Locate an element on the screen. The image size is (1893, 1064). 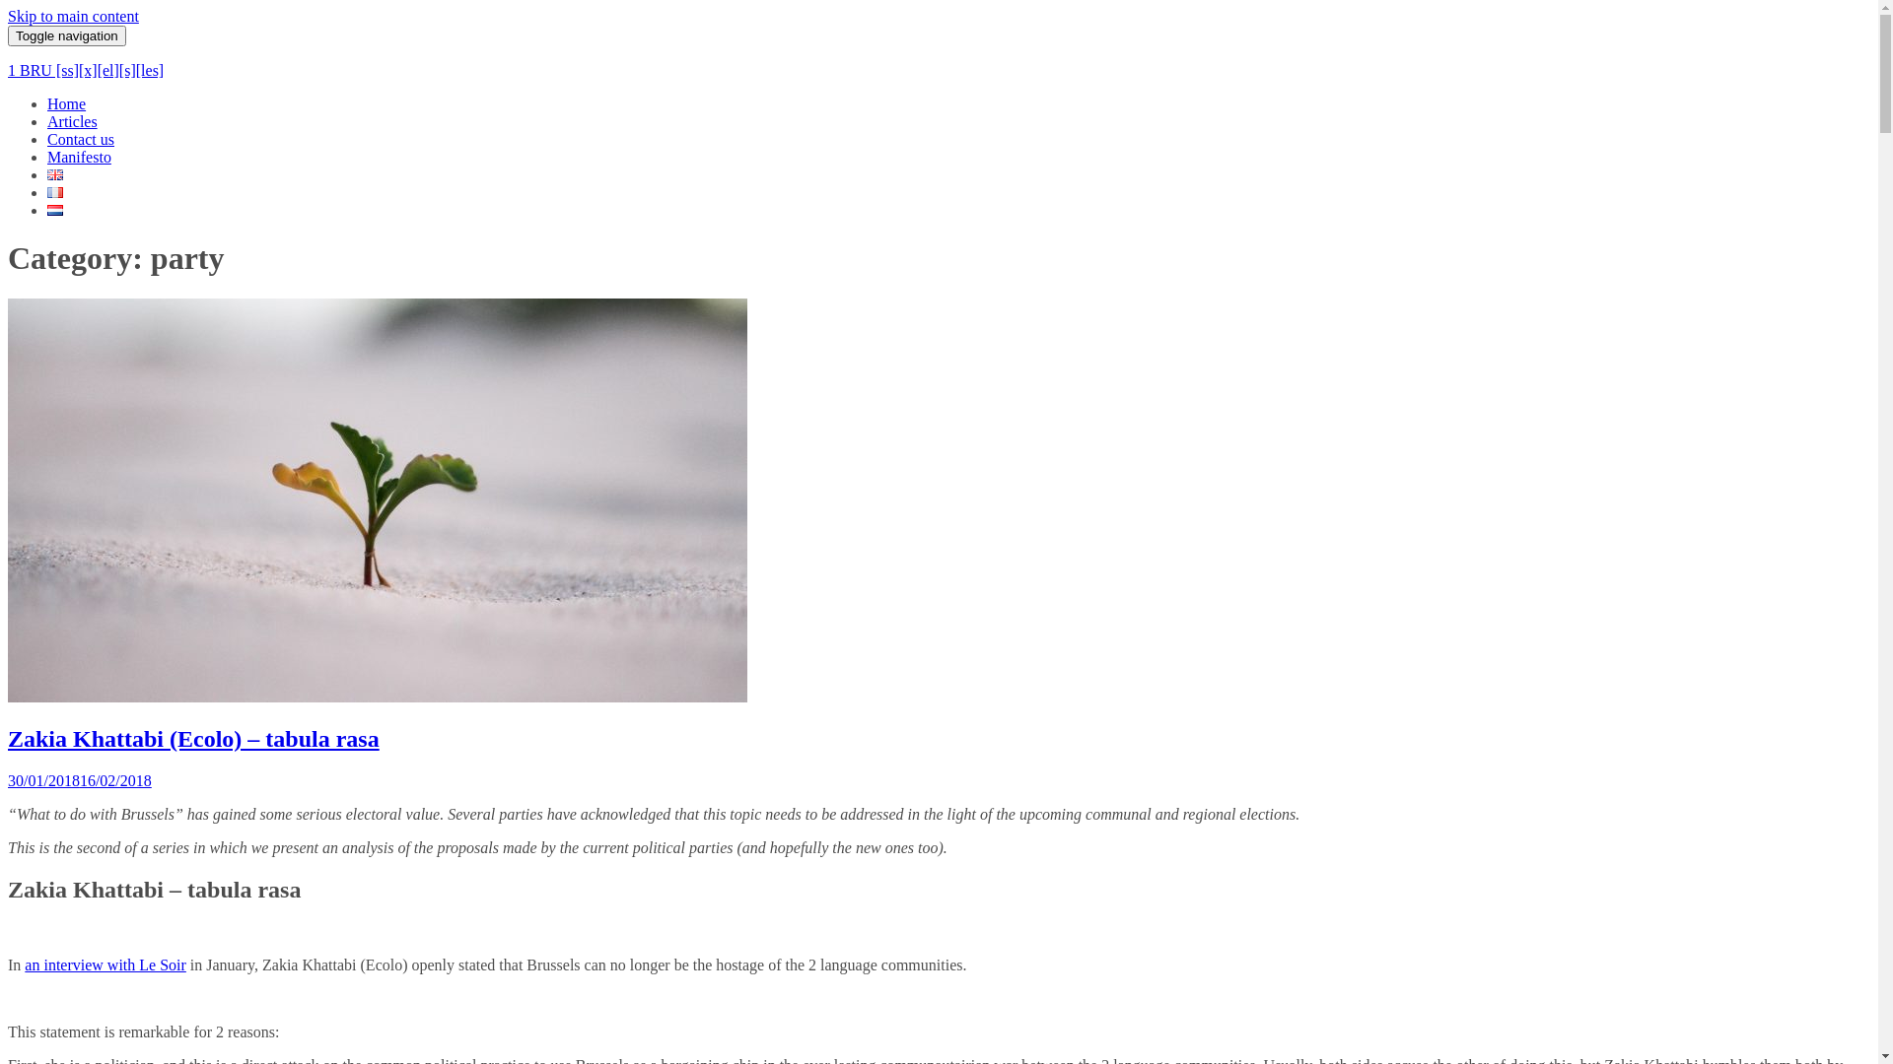
'1 BRU [ss][x][el][s][les]' is located at coordinates (84, 69).